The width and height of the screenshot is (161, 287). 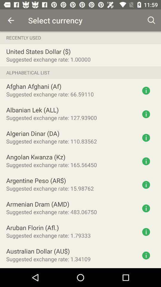 What do you see at coordinates (146, 138) in the screenshot?
I see `more info` at bounding box center [146, 138].